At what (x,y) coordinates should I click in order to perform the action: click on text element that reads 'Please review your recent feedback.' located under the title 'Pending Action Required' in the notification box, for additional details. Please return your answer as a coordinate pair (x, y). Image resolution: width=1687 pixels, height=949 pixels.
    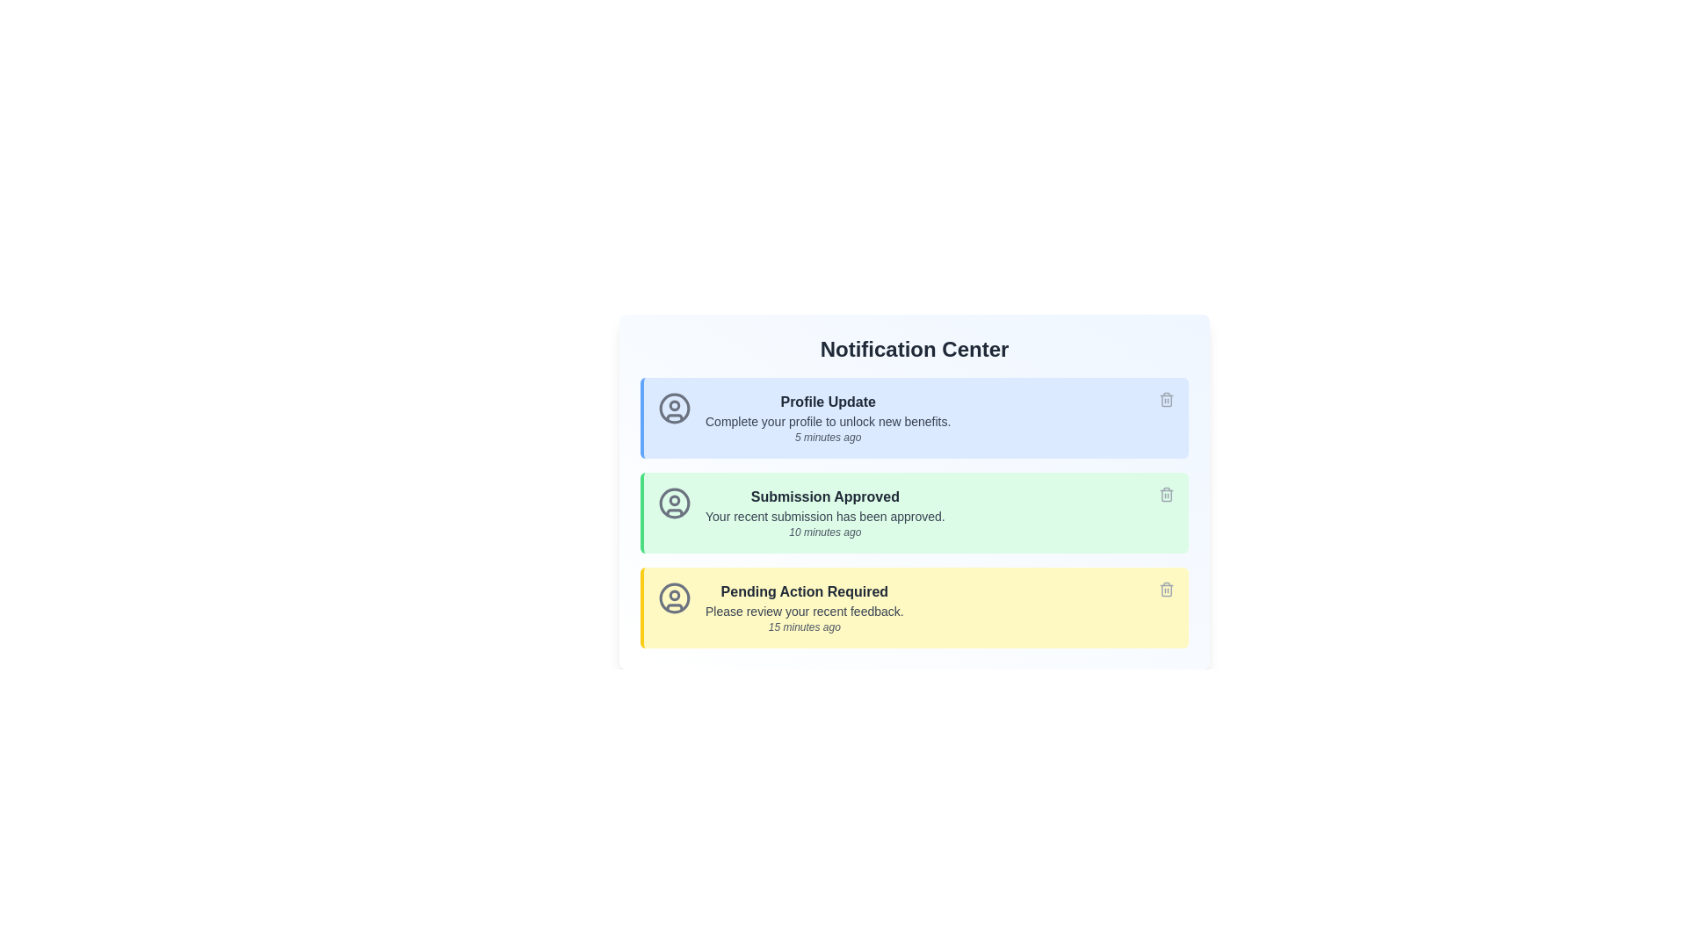
    Looking at the image, I should click on (803, 610).